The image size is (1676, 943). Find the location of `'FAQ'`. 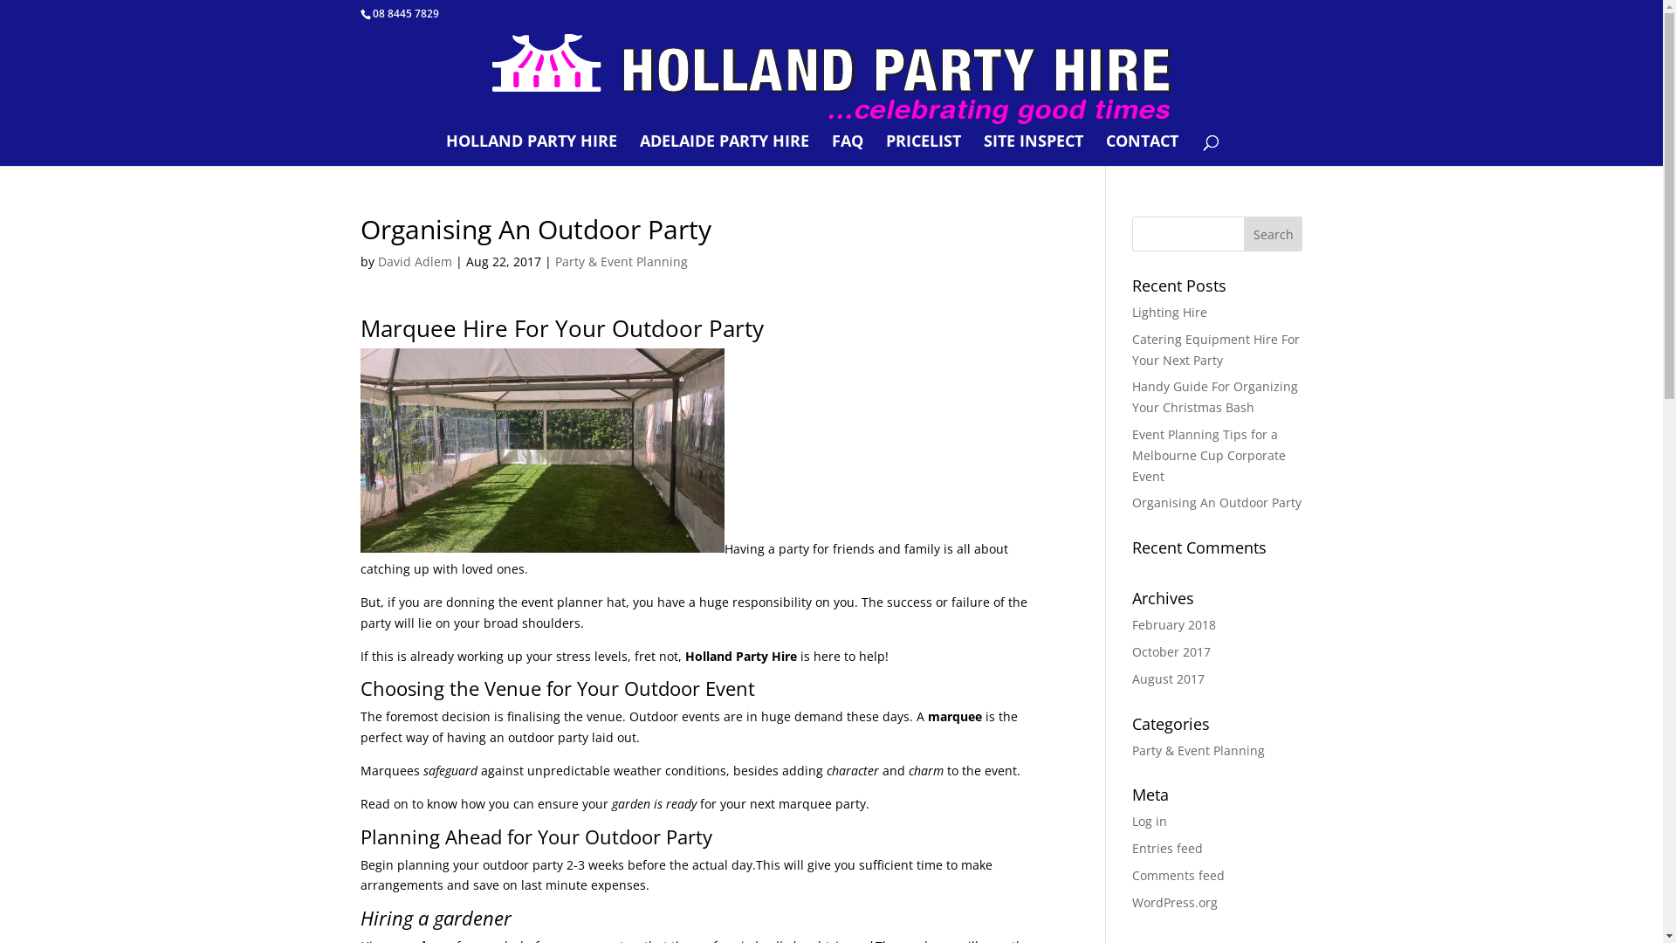

'FAQ' is located at coordinates (847, 149).